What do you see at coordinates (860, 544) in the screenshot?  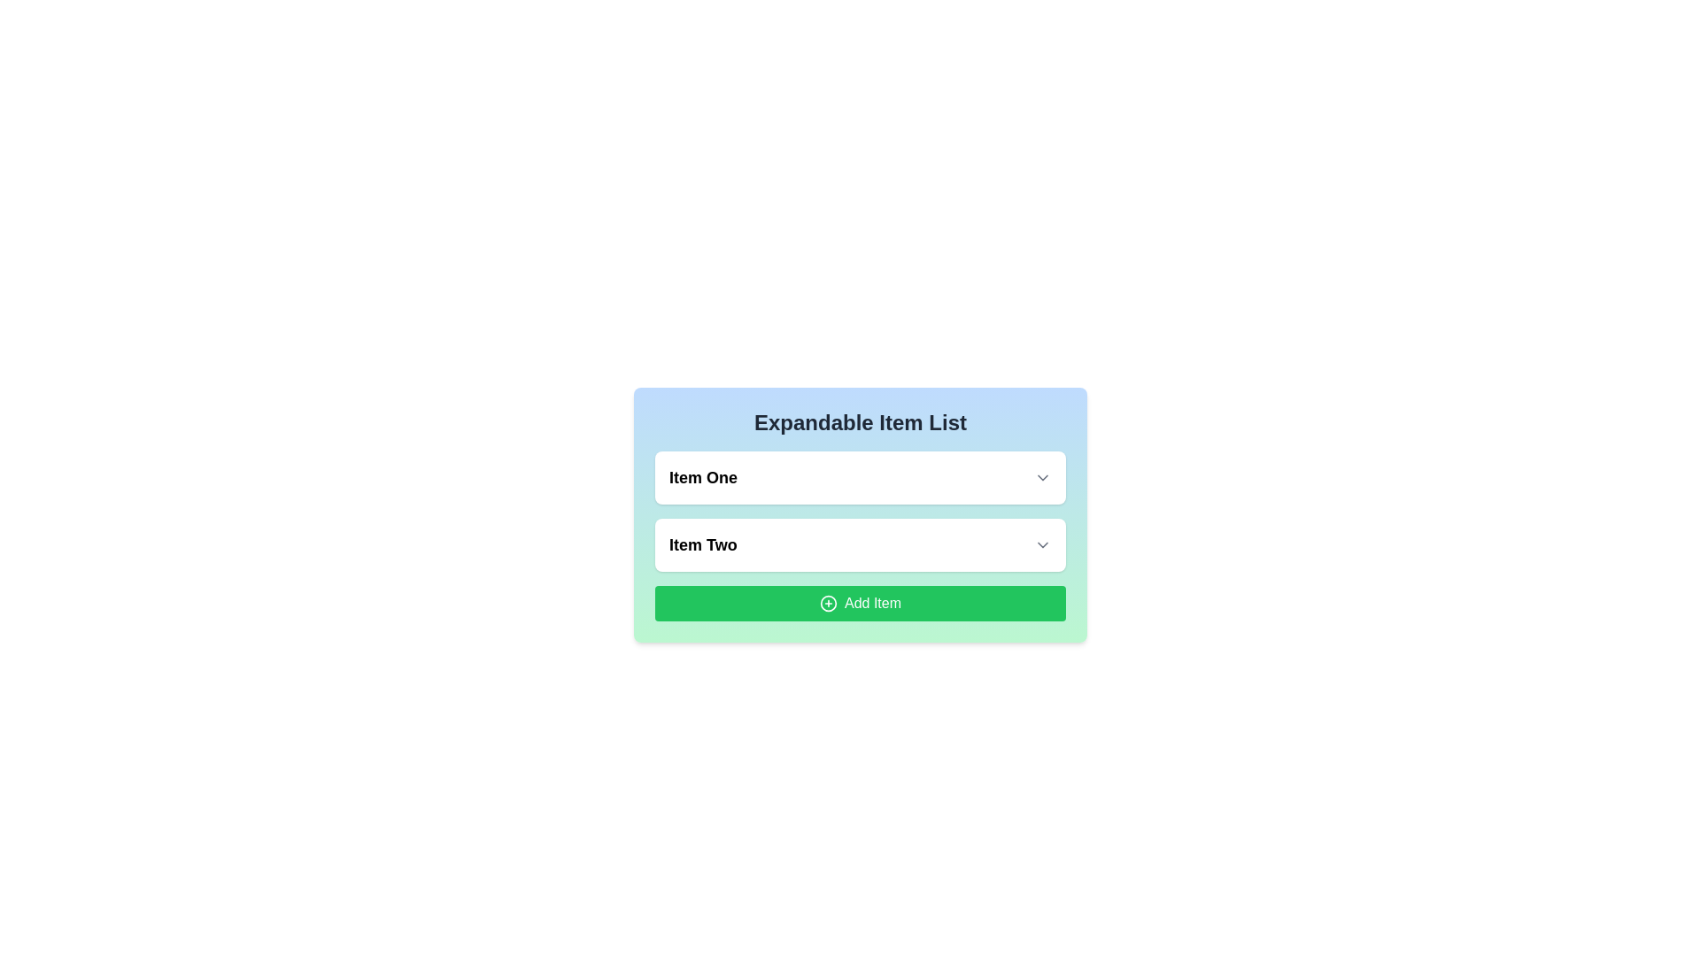 I see `the downward-facing arrow of the dropdown menu item labeled 'Item Two' to visualize interactivity` at bounding box center [860, 544].